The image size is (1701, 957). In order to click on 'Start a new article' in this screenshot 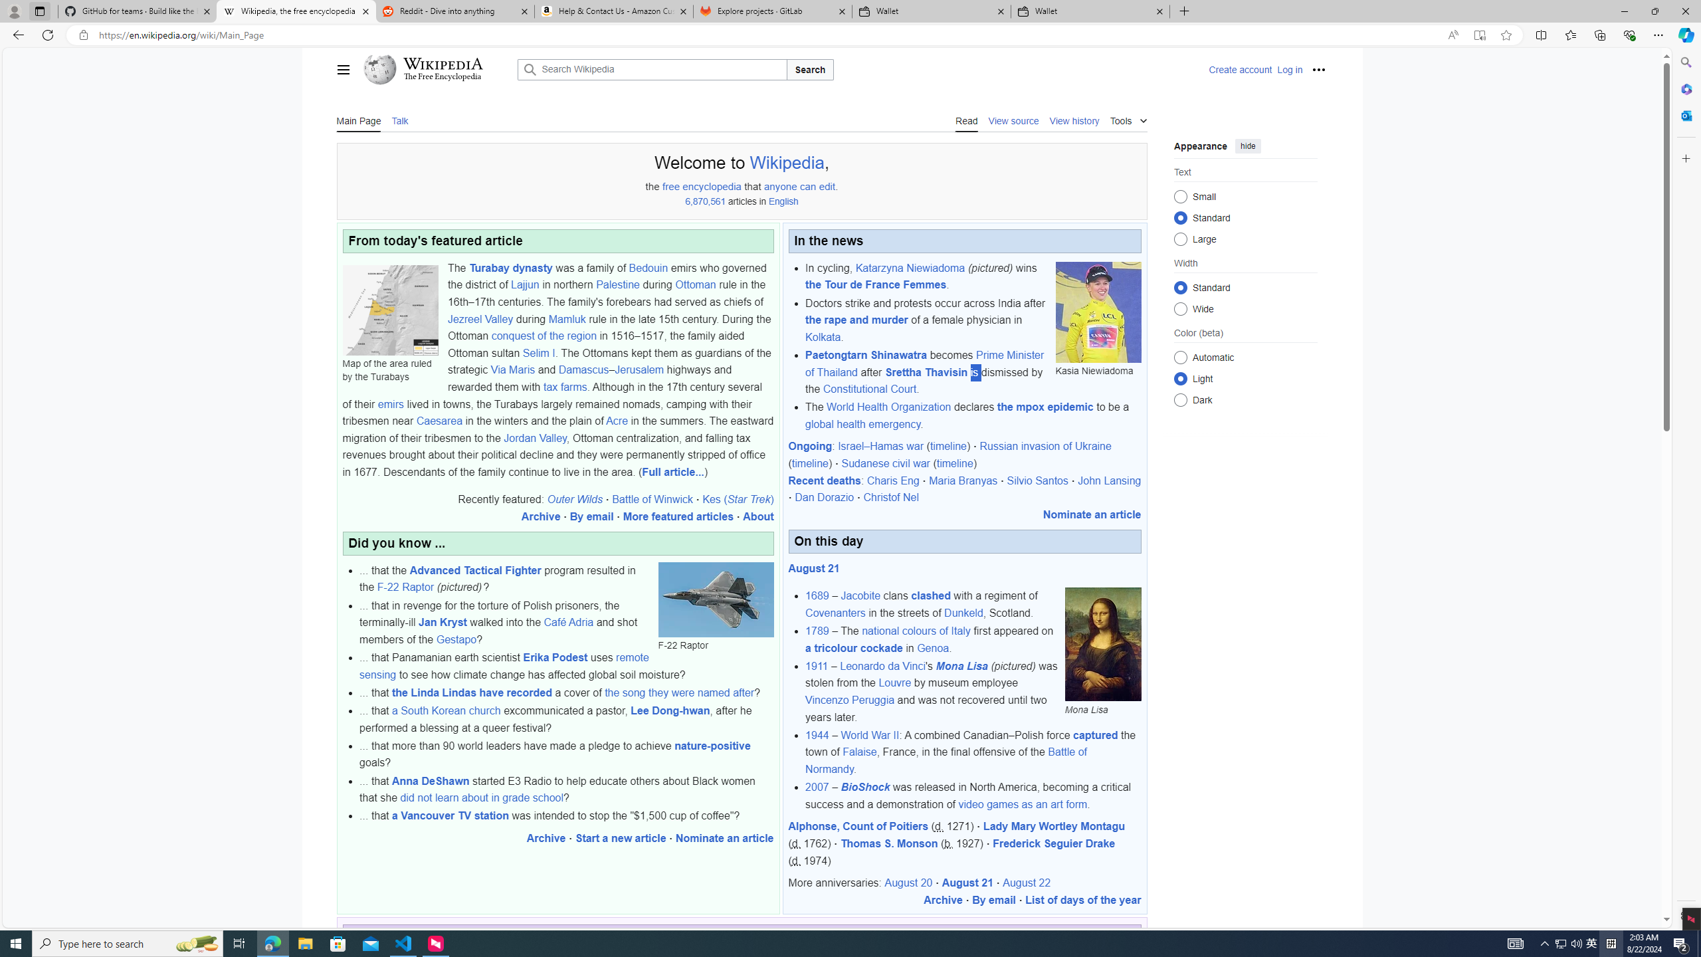, I will do `click(620, 837)`.